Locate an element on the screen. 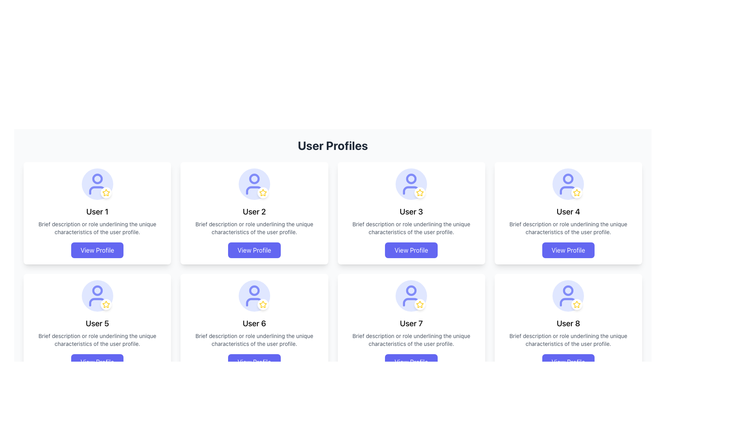  the brief description text located below 'User 6' and above the 'View Profile' button in the user profile card is located at coordinates (254, 340).